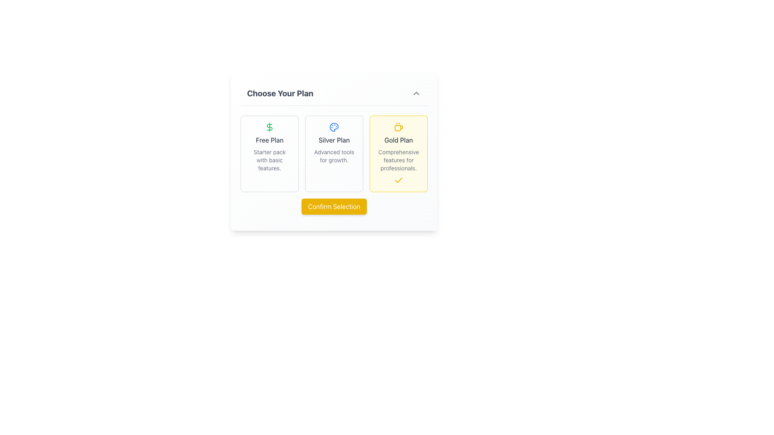 This screenshot has width=774, height=435. Describe the element at coordinates (280, 93) in the screenshot. I see `text label that displays 'Choose Your Plan', which is prominently positioned at the top of the section in dark gray color` at that location.